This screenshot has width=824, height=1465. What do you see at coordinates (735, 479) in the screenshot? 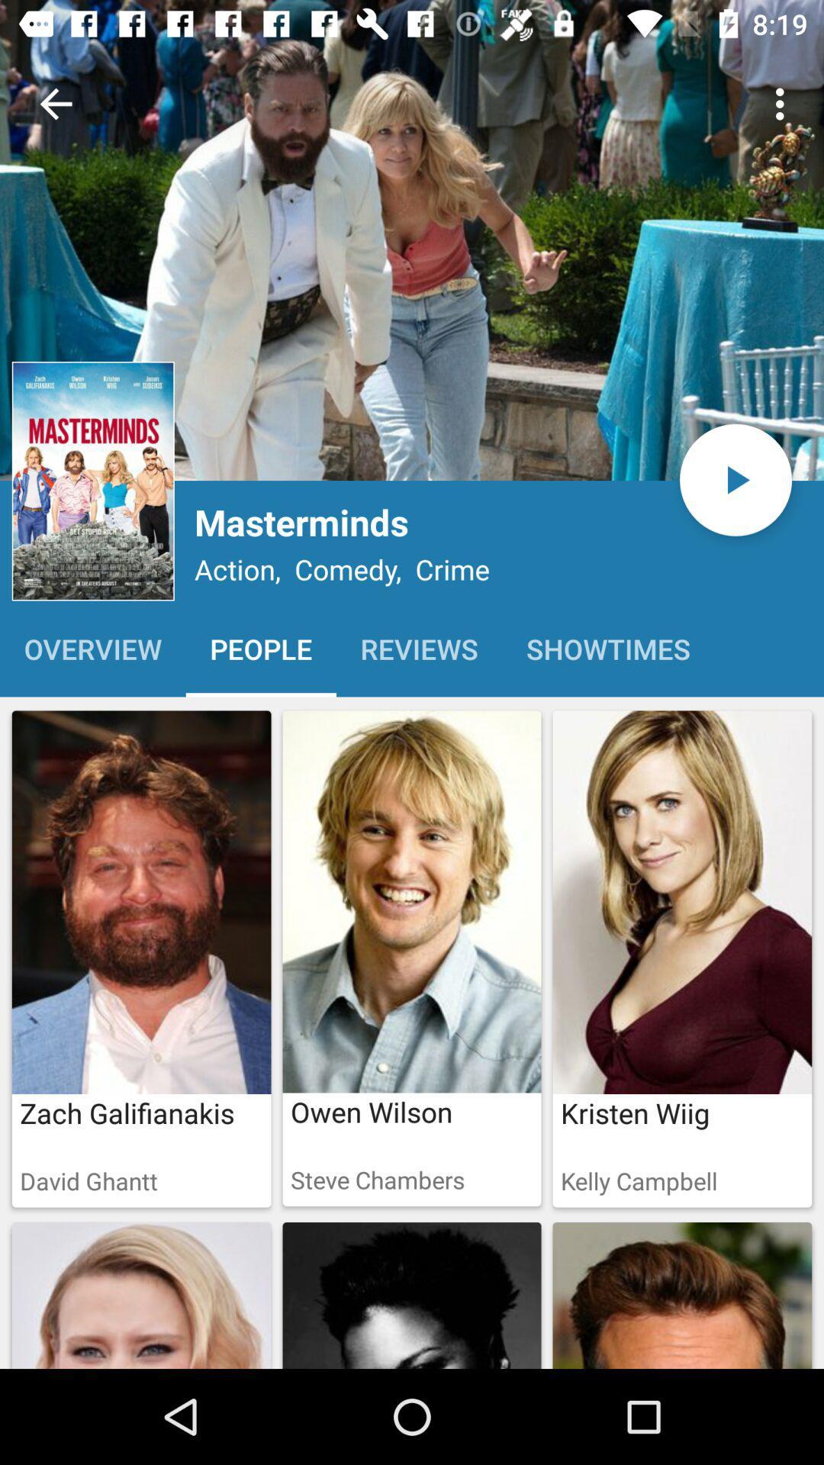
I see `the play icon` at bounding box center [735, 479].